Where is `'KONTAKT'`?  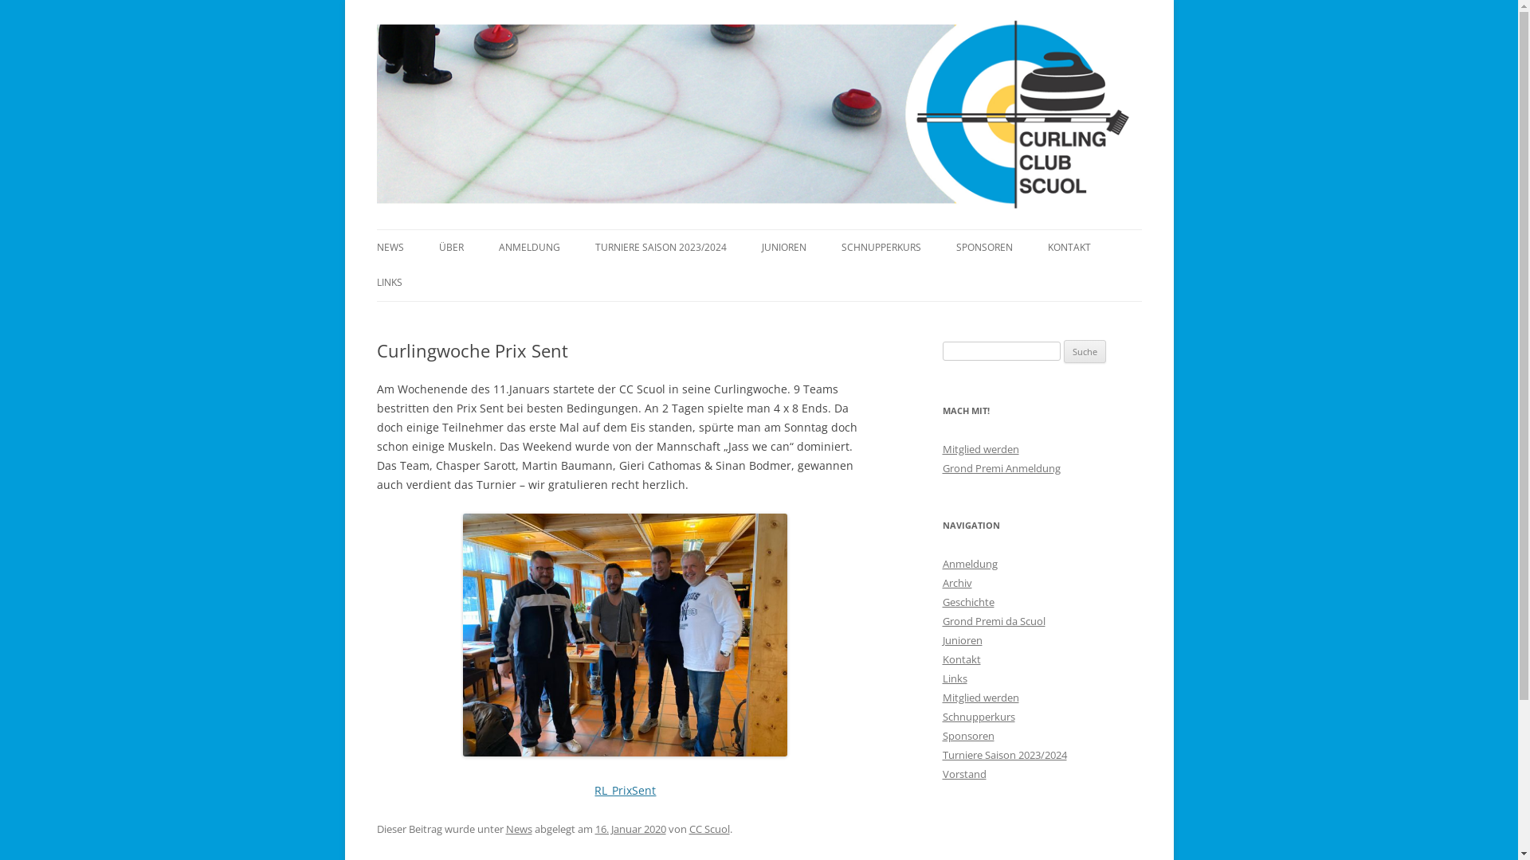 'KONTAKT' is located at coordinates (1068, 248).